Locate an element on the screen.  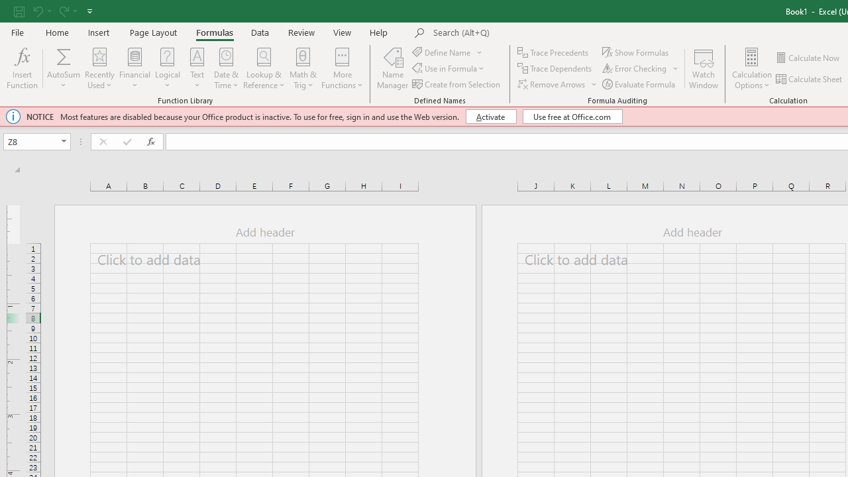
'Activate' is located at coordinates (490, 116).